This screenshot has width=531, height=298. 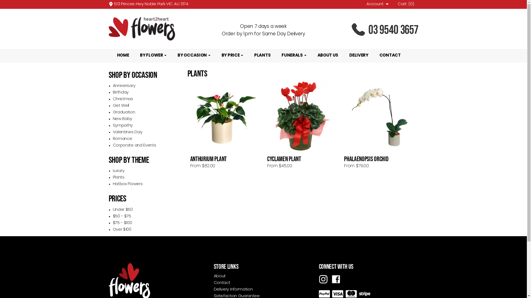 I want to click on 'Birthday', so click(x=120, y=92).